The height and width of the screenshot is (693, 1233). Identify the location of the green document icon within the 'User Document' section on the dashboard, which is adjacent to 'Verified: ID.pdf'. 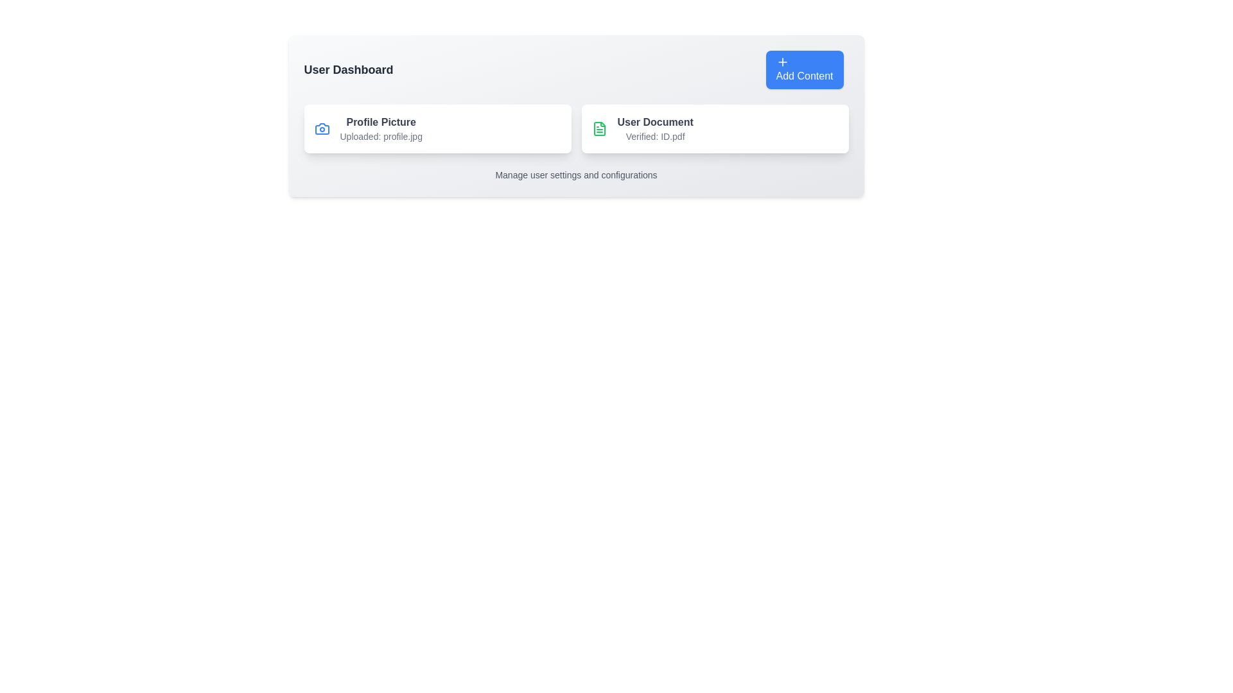
(599, 128).